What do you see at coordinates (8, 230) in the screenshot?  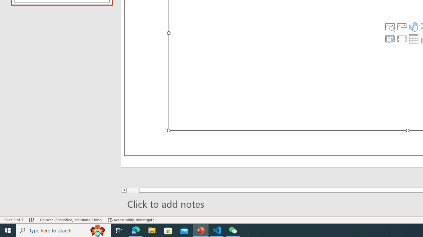 I see `'Start'` at bounding box center [8, 230].